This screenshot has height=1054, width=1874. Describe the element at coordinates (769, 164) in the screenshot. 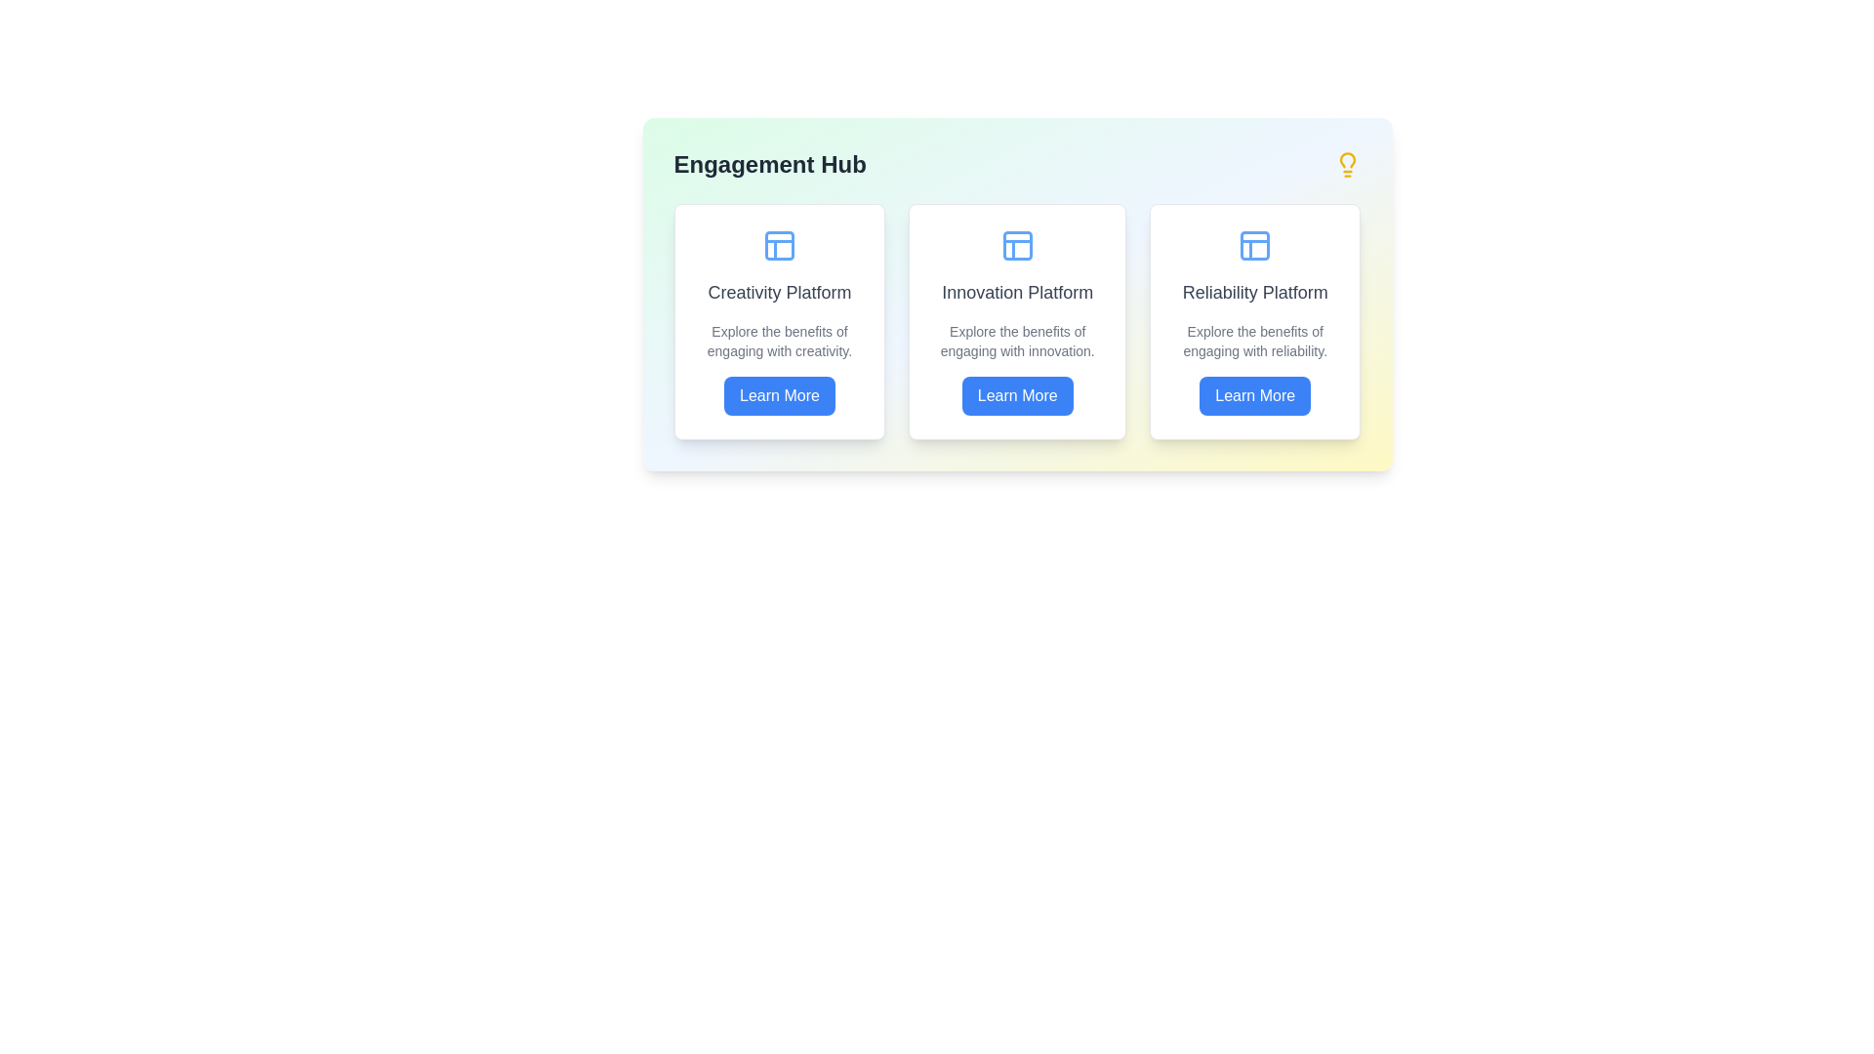

I see `section title text 'Engagement Hub' which is a bold, sans-serif styled heading in dark gray, located at the top-left corner of the card group` at that location.